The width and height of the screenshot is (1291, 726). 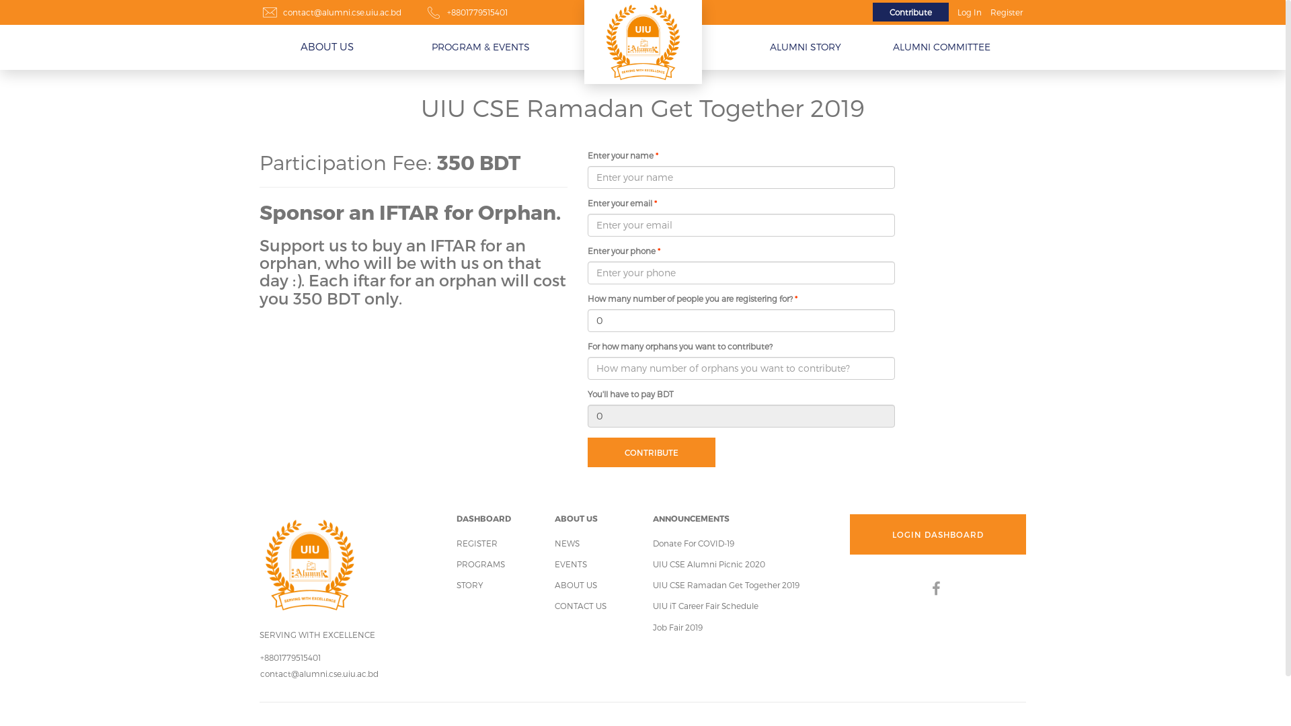 I want to click on 'CONTACT US', so click(x=580, y=606).